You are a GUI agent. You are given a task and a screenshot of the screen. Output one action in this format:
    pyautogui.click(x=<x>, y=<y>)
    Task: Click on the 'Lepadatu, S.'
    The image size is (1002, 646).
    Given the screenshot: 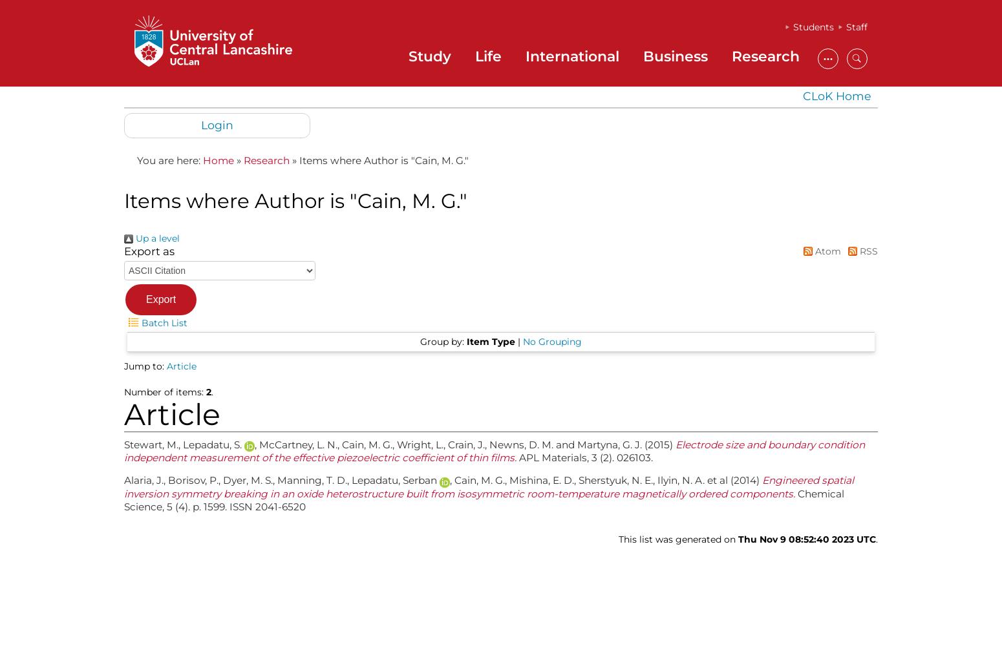 What is the action you would take?
    pyautogui.click(x=213, y=444)
    